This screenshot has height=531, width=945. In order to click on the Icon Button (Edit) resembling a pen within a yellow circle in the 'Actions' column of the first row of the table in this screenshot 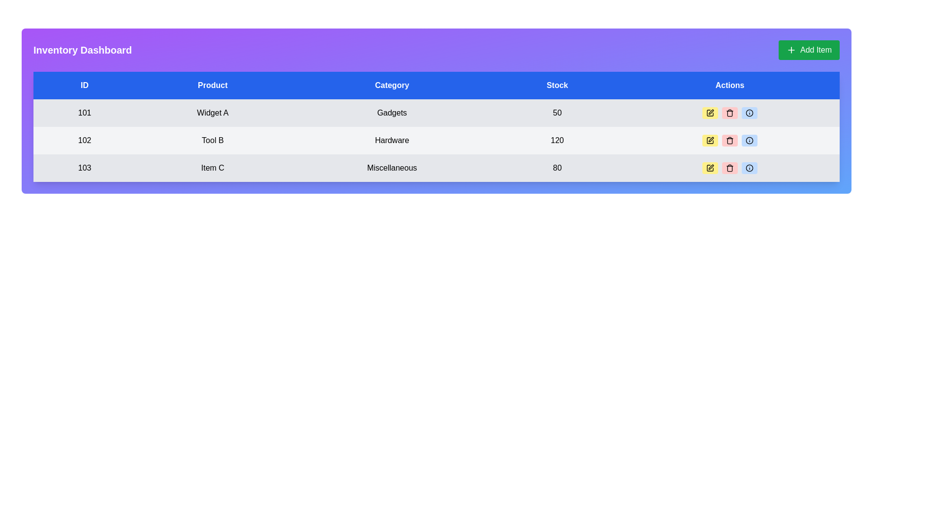, I will do `click(710, 113)`.